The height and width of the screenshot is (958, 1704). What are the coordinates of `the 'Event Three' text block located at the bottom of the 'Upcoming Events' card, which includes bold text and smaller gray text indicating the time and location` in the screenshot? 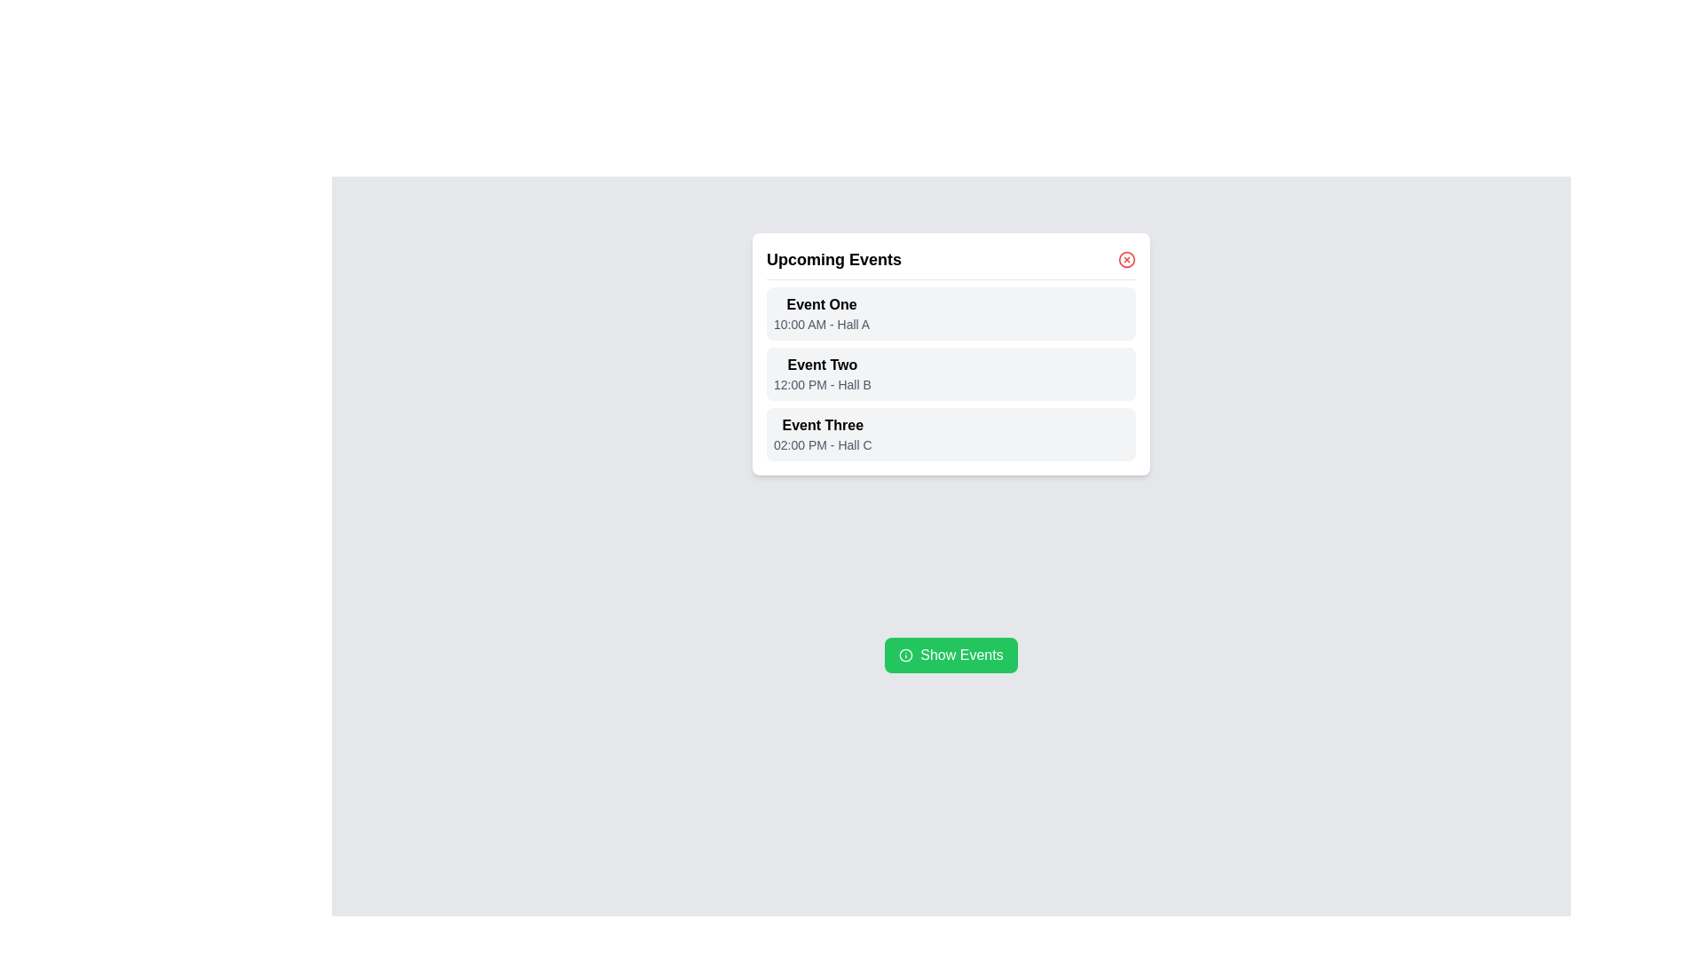 It's located at (821, 434).